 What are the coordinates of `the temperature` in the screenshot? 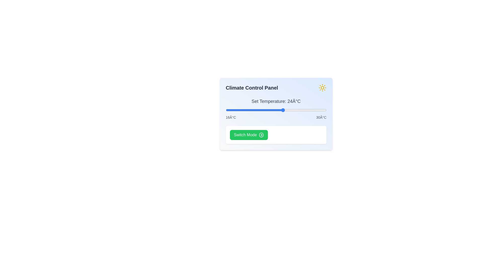 It's located at (319, 110).